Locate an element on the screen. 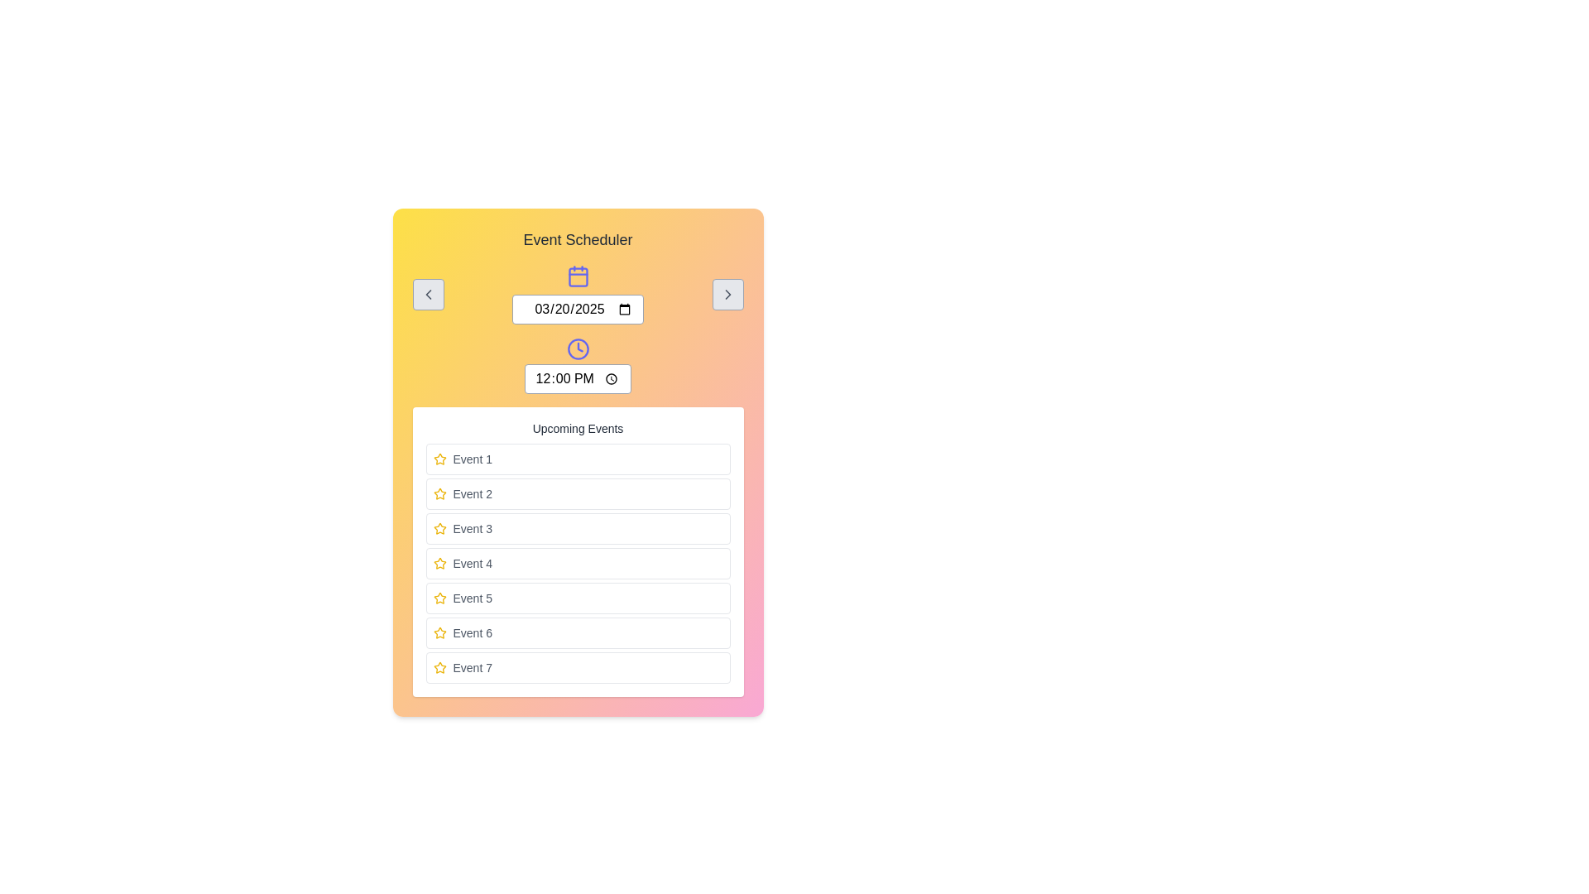 This screenshot has height=894, width=1589. the yellow five-pointed star icon is located at coordinates (439, 562).